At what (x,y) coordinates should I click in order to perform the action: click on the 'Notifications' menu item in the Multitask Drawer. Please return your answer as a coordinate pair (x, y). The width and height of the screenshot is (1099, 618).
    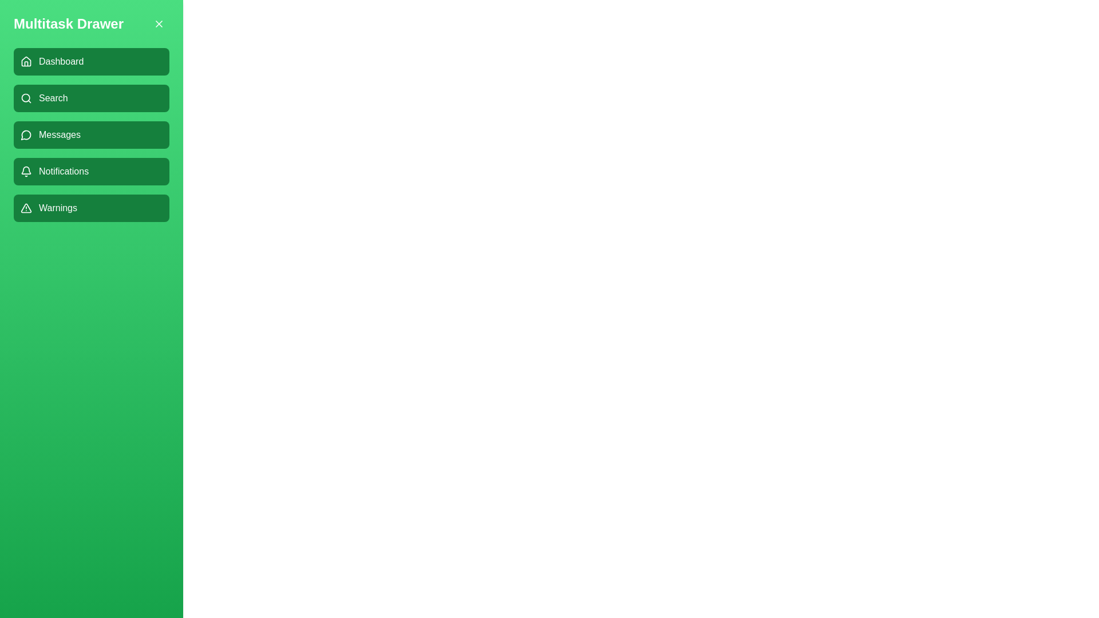
    Looking at the image, I should click on (90, 172).